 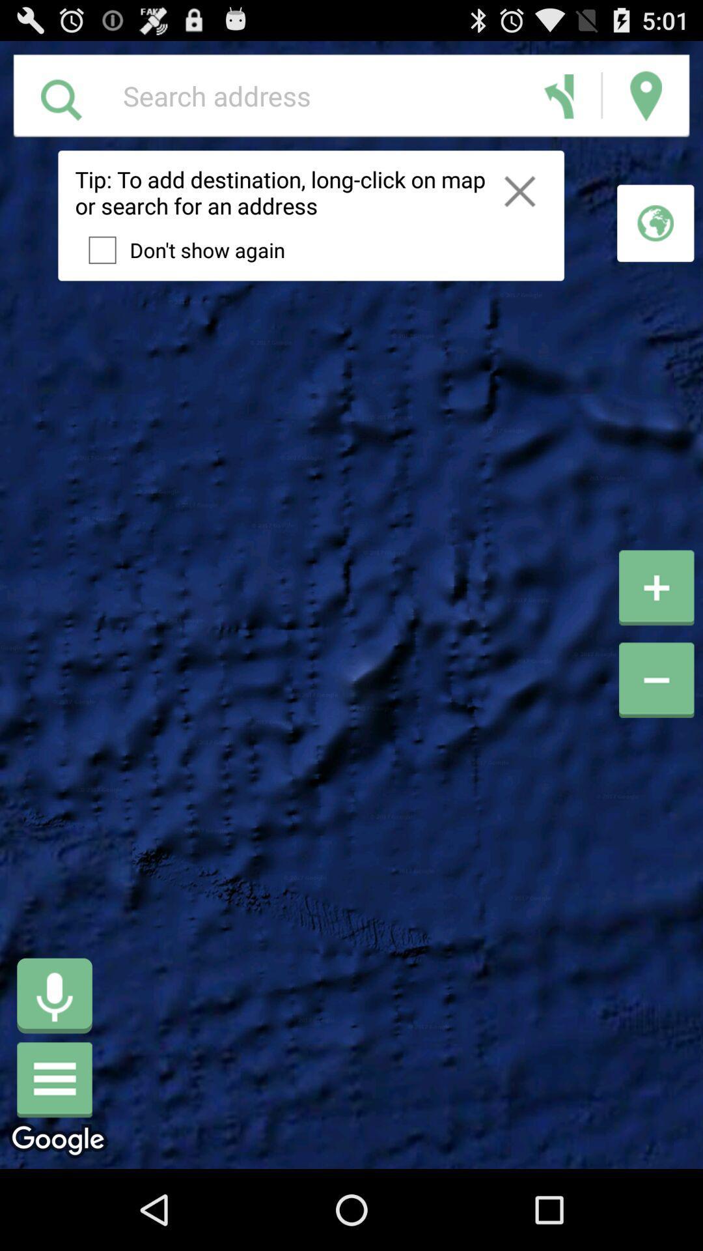 What do you see at coordinates (646, 101) in the screenshot?
I see `the location icon` at bounding box center [646, 101].